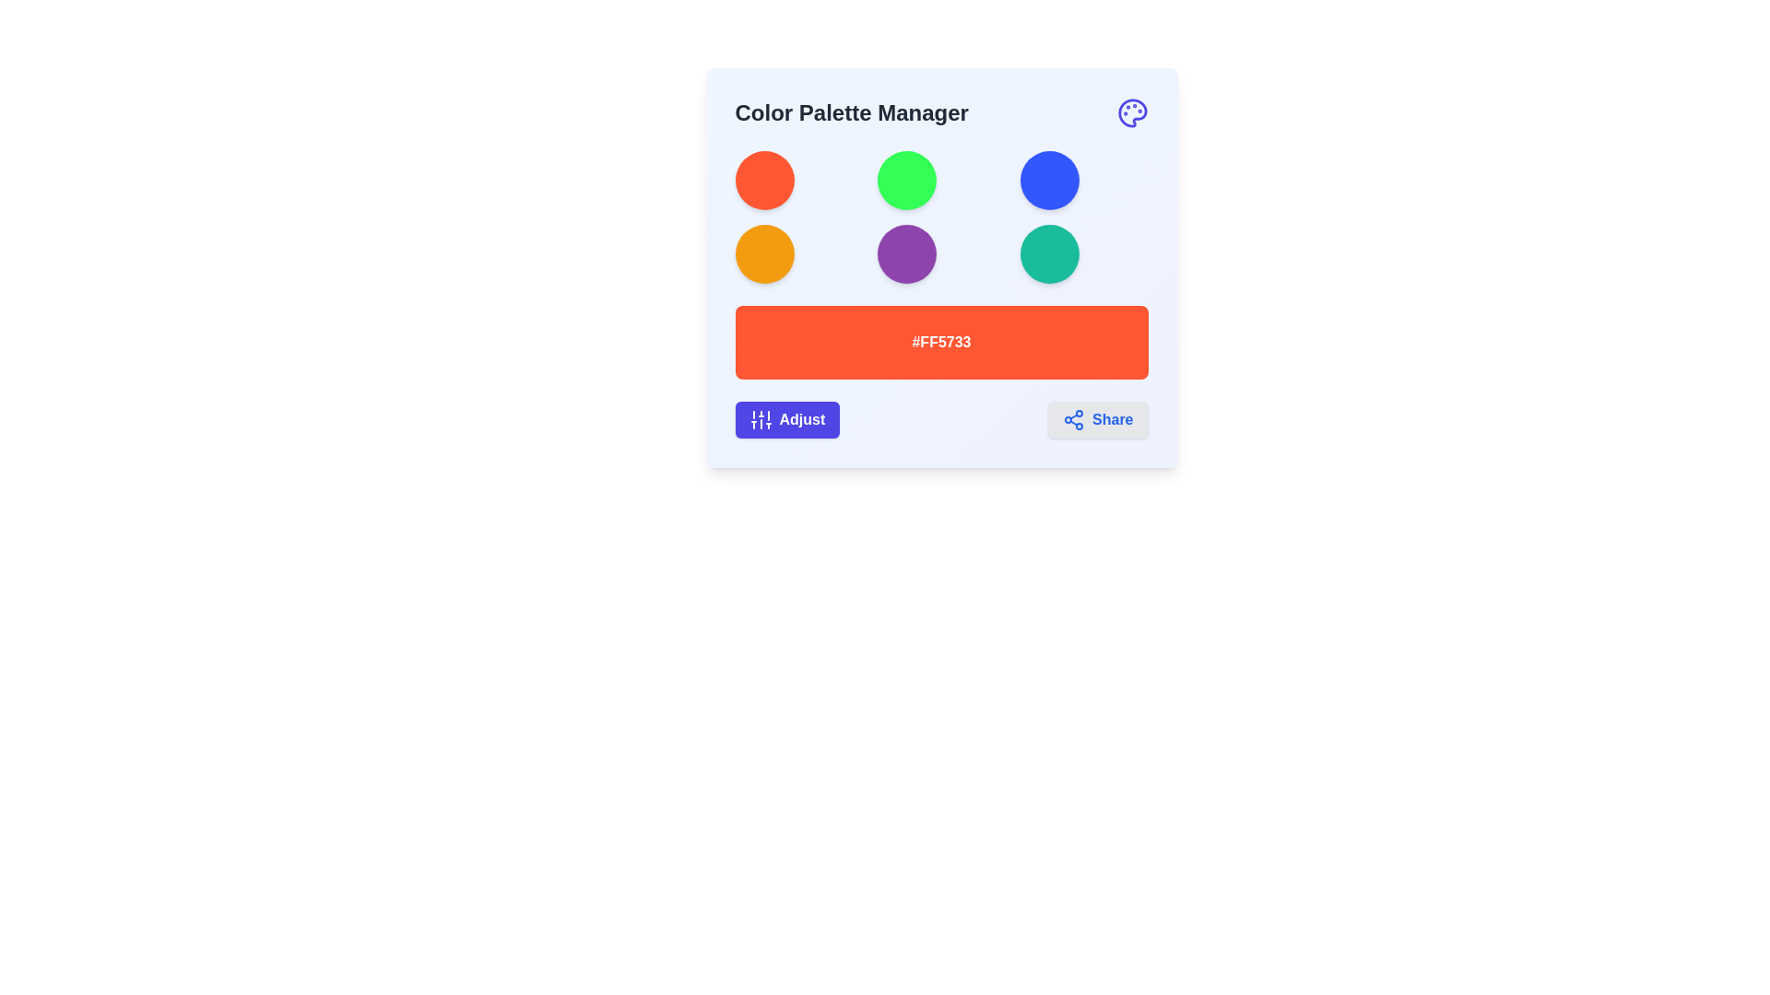  I want to click on the circular blue button located in the top-right position of a 3x2 grid layout to visually scale it, so click(1049, 181).